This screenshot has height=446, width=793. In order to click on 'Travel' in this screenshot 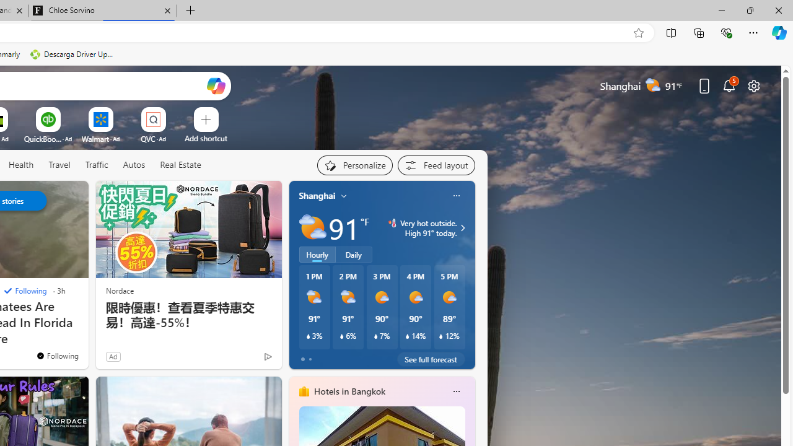, I will do `click(59, 165)`.